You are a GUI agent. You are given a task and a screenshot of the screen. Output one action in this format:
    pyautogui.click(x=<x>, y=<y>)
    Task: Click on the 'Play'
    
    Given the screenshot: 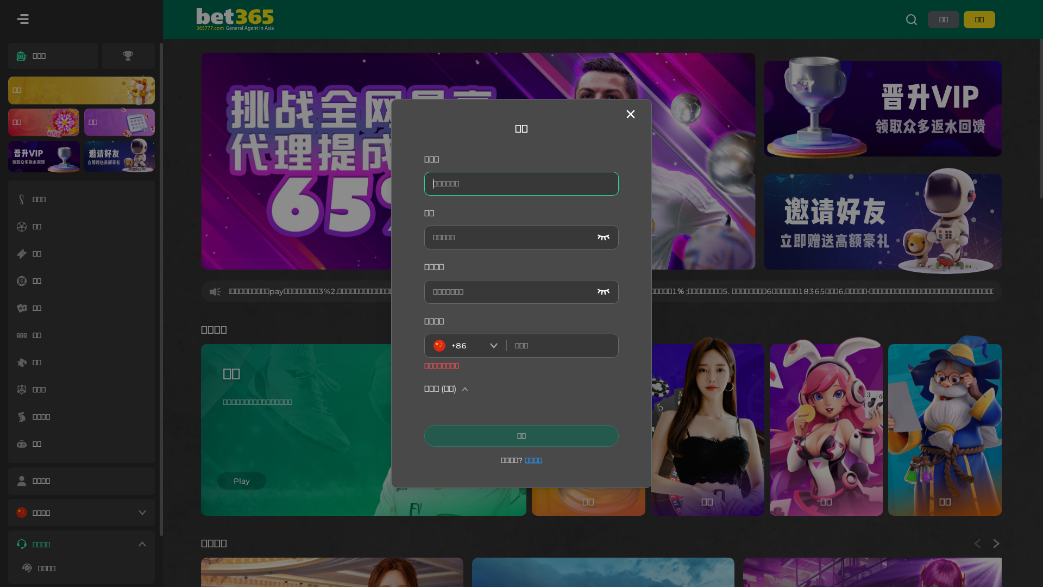 What is the action you would take?
    pyautogui.click(x=241, y=480)
    